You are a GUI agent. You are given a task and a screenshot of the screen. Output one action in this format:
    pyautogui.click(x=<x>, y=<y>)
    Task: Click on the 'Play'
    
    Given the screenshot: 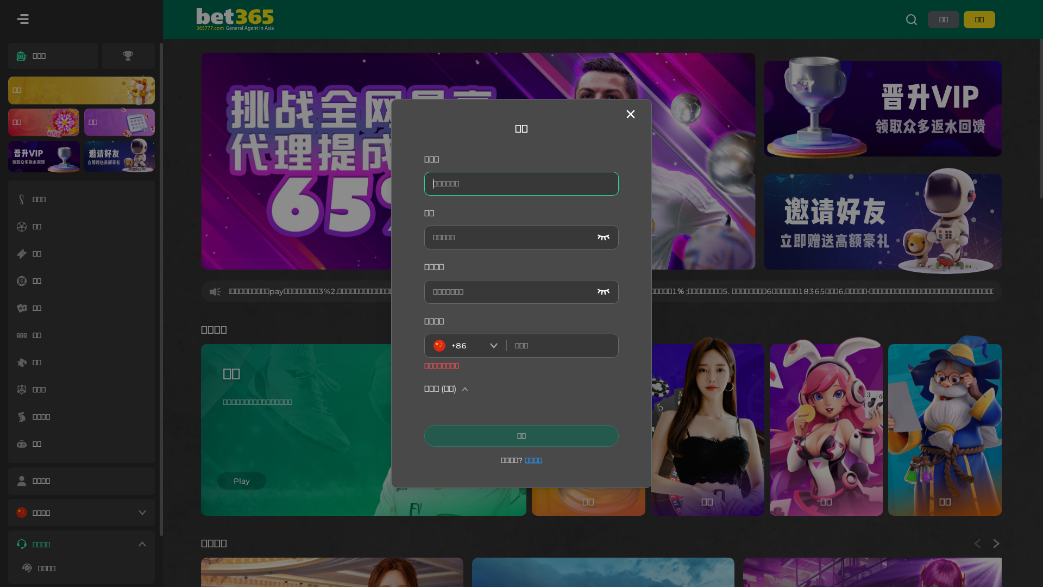 What is the action you would take?
    pyautogui.click(x=241, y=480)
    